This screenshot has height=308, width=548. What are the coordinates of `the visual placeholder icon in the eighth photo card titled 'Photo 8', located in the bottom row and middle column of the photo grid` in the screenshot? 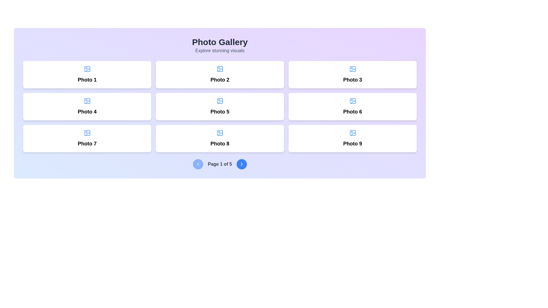 It's located at (219, 133).